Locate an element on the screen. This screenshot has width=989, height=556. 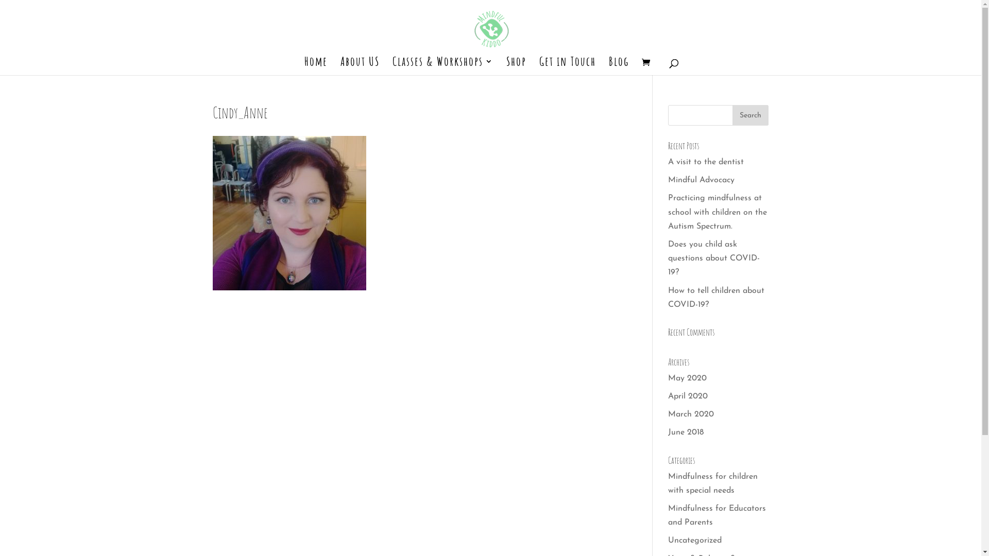
'June 2018' is located at coordinates (686, 432).